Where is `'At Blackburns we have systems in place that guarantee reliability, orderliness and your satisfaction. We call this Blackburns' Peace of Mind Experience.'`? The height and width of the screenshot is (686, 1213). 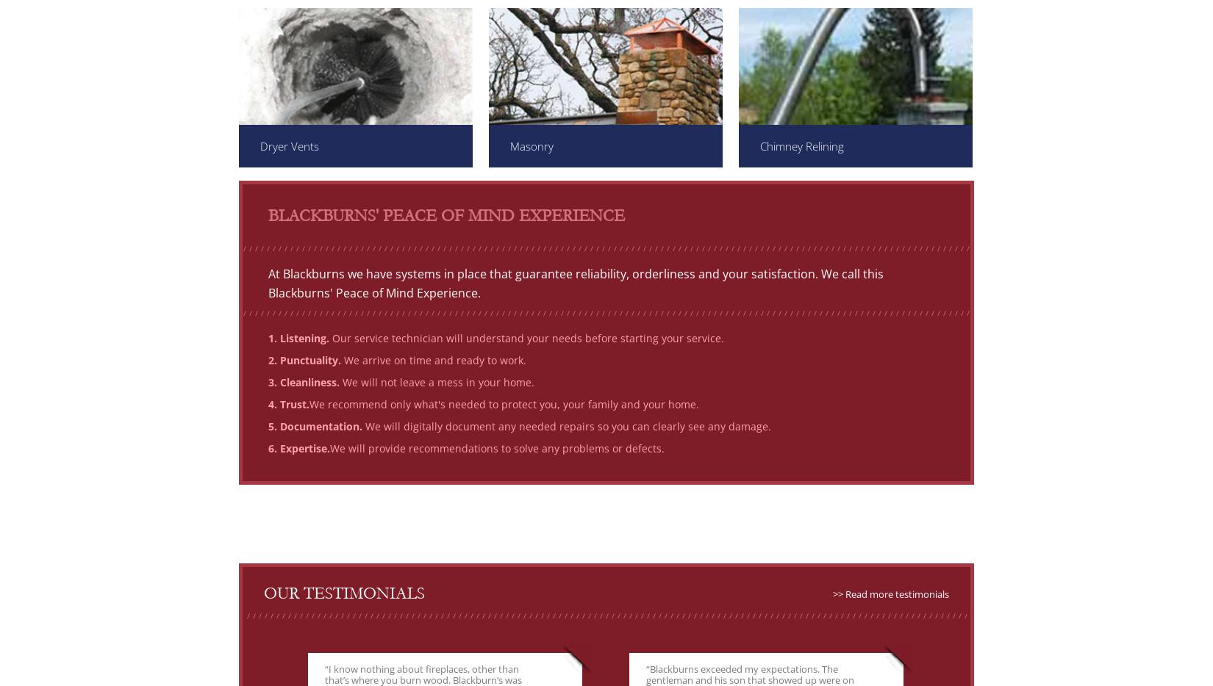
'At Blackburns we have systems in place that guarantee reliability, orderliness and your satisfaction. We call this Blackburns' Peace of Mind Experience.' is located at coordinates (575, 283).